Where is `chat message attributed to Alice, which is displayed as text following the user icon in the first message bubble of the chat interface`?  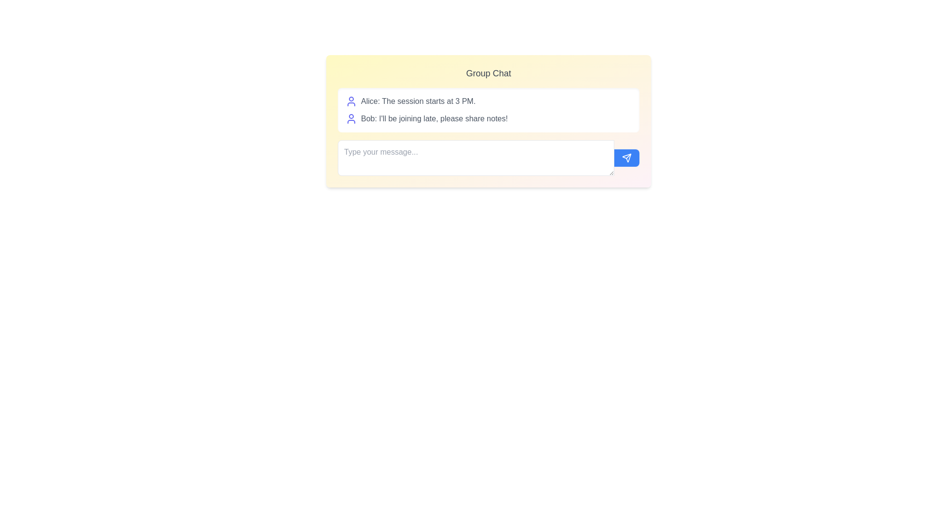 chat message attributed to Alice, which is displayed as text following the user icon in the first message bubble of the chat interface is located at coordinates (418, 101).